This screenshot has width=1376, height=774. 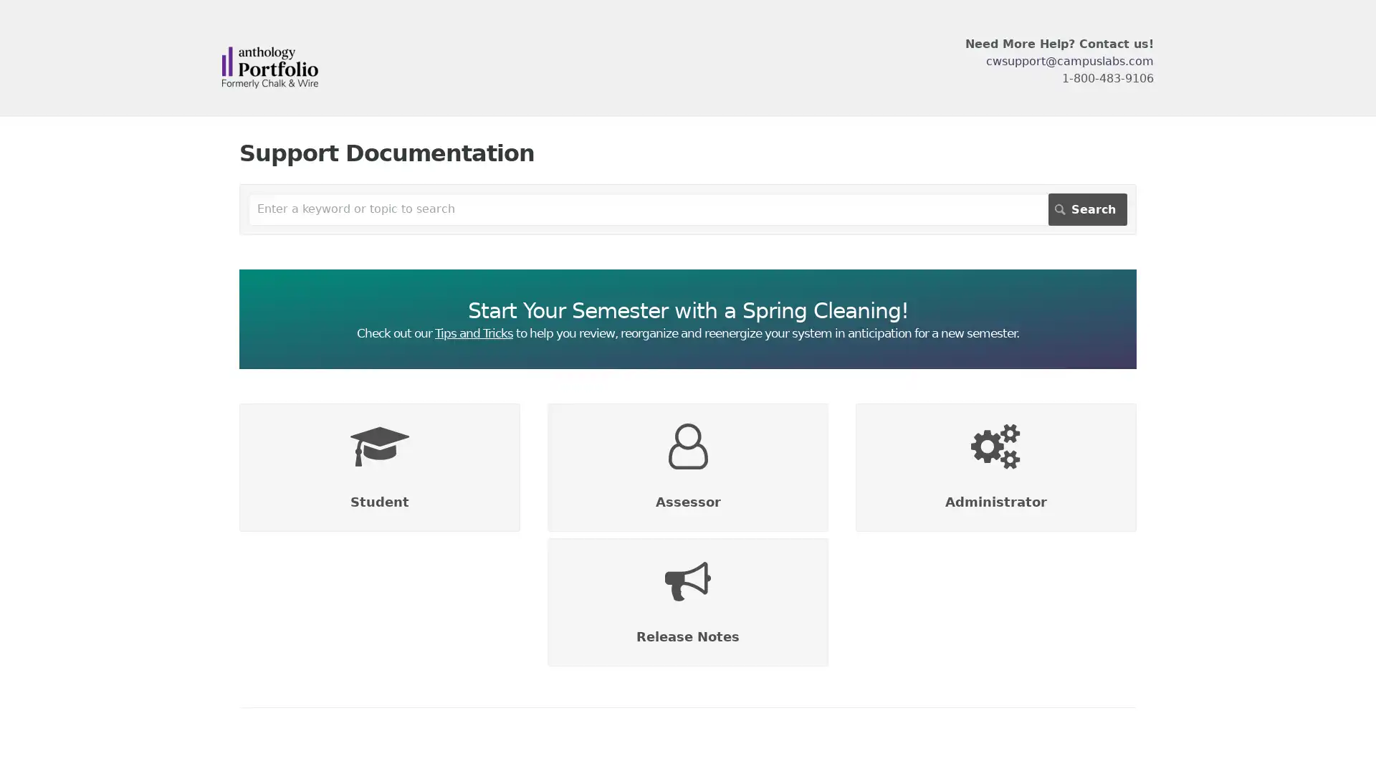 What do you see at coordinates (1087, 209) in the screenshot?
I see `Search` at bounding box center [1087, 209].